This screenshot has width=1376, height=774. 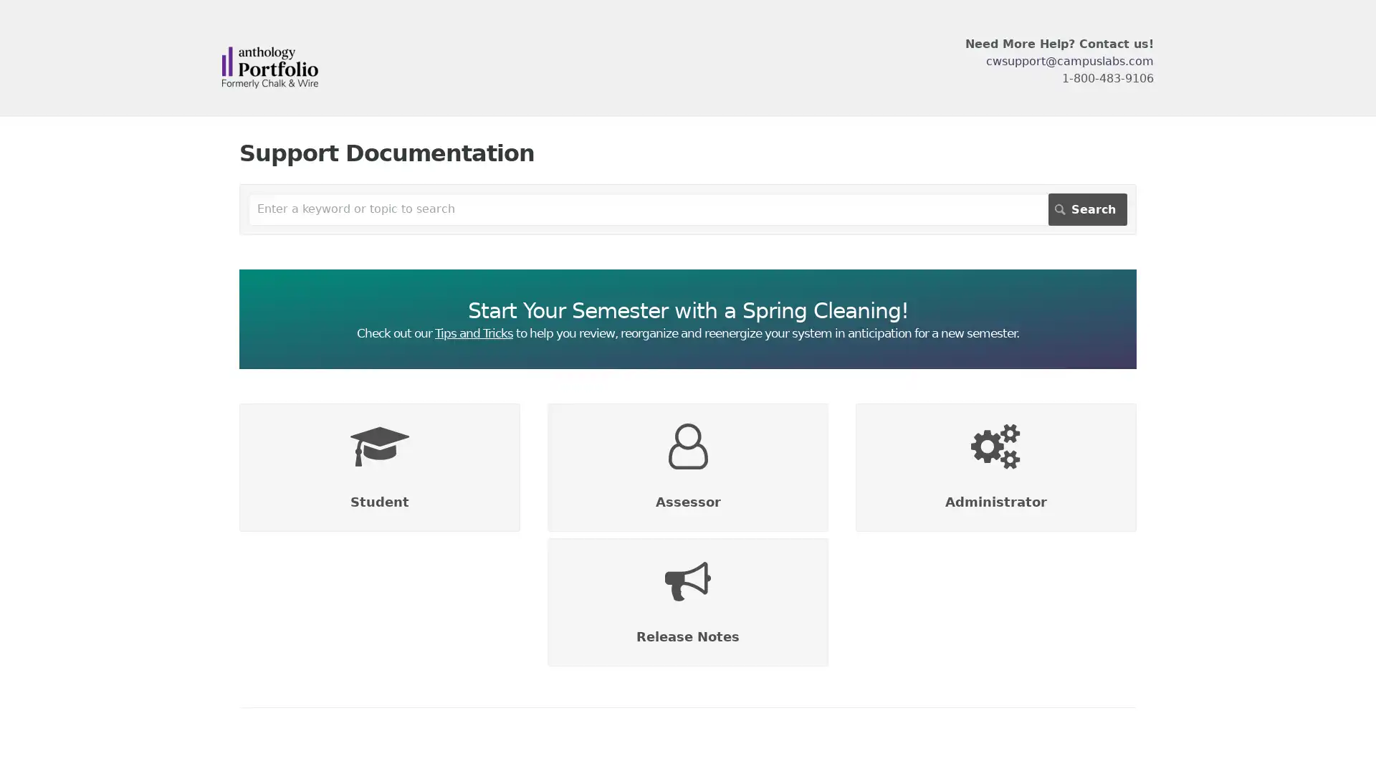 What do you see at coordinates (1087, 209) in the screenshot?
I see `Search` at bounding box center [1087, 209].